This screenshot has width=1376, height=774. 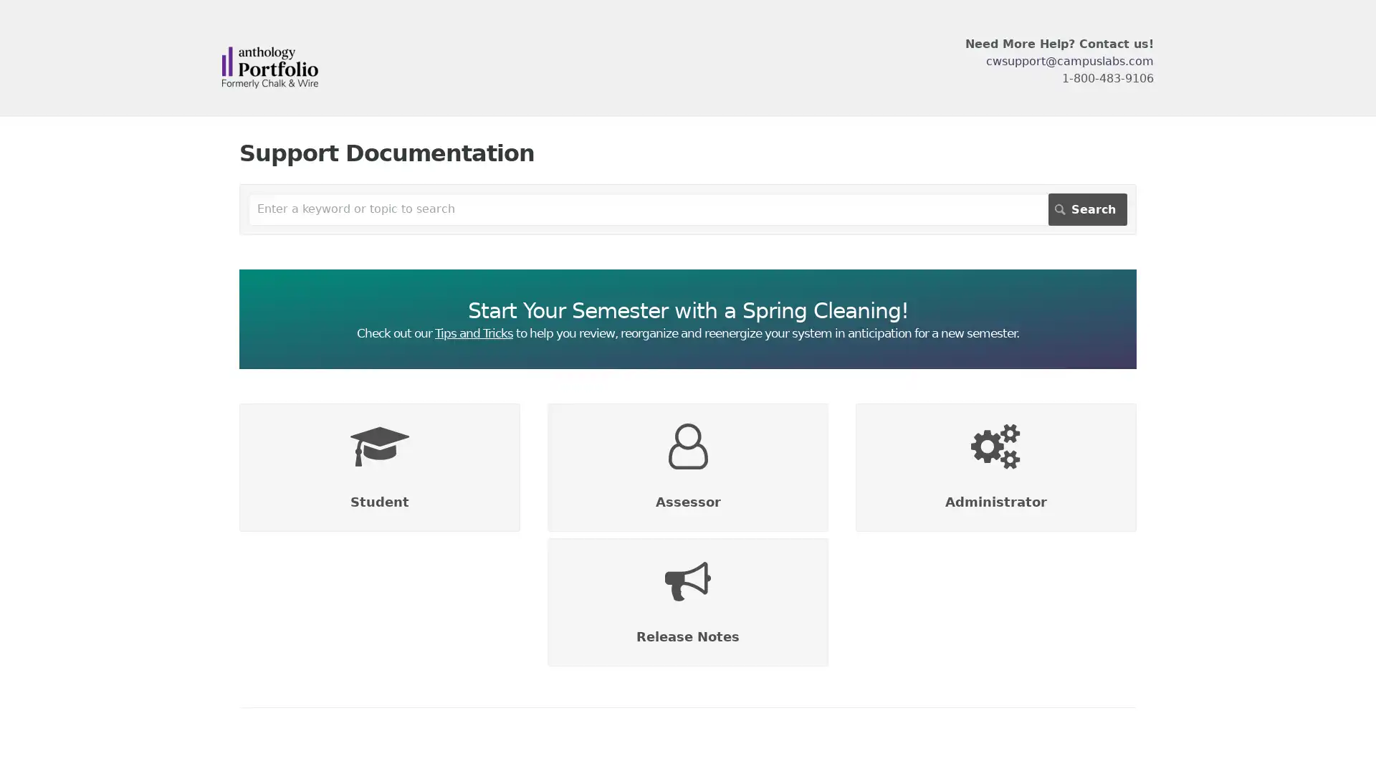 What do you see at coordinates (1087, 209) in the screenshot?
I see `Search` at bounding box center [1087, 209].